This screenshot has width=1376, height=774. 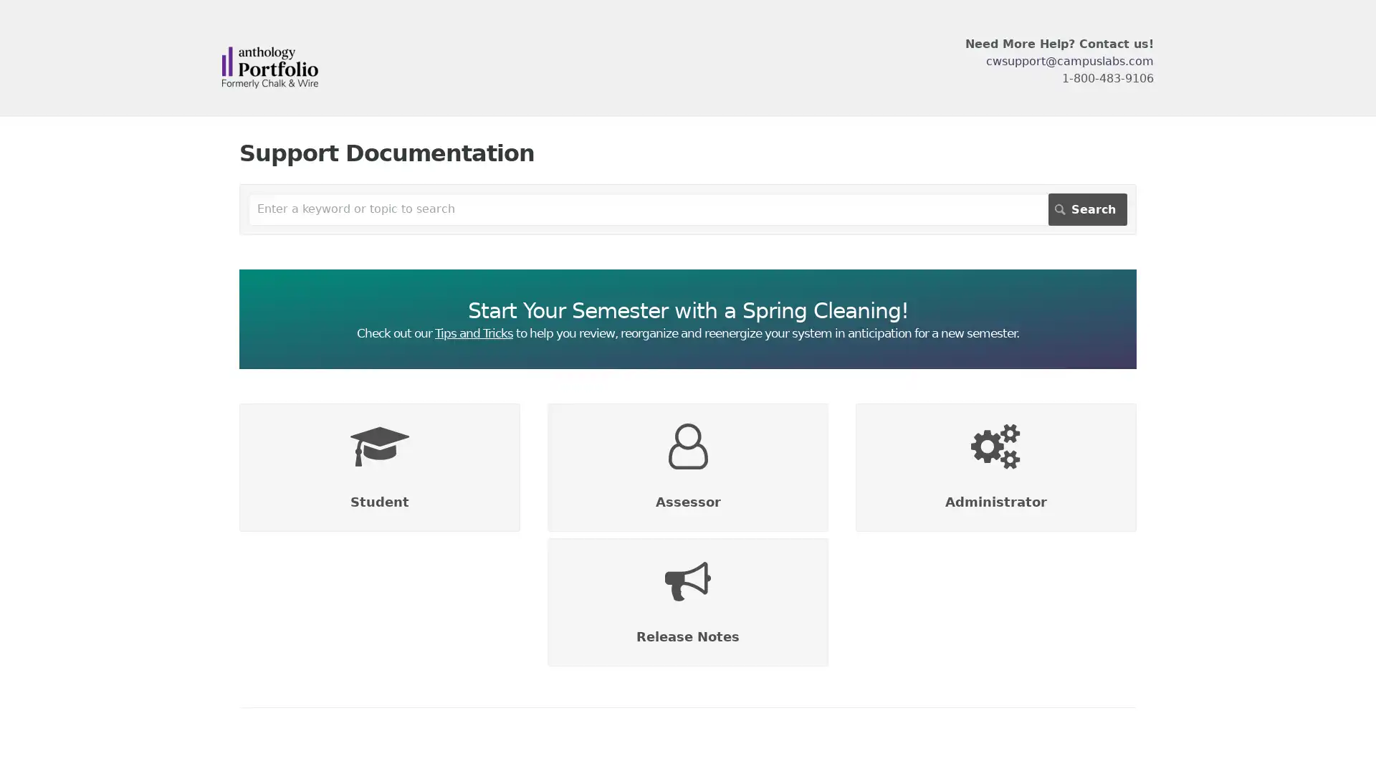 What do you see at coordinates (1087, 209) in the screenshot?
I see `Search` at bounding box center [1087, 209].